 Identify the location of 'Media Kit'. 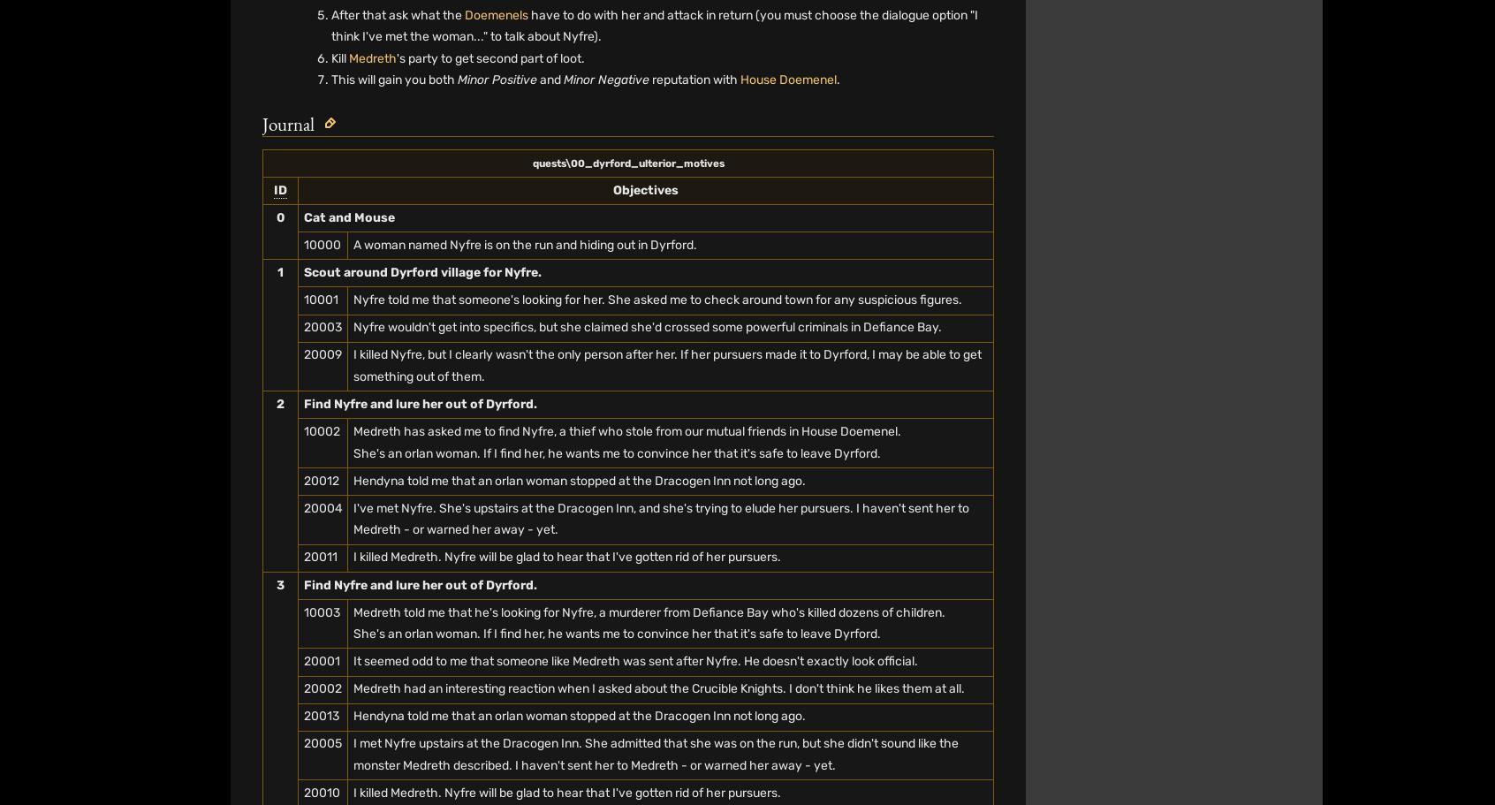
(809, 119).